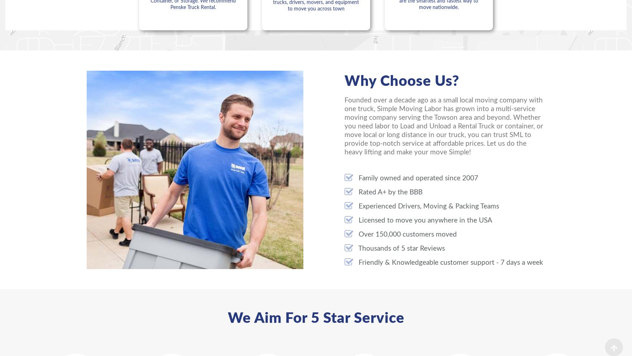 This screenshot has height=356, width=632. I want to click on 'Over 150,000 customers moved', so click(406, 234).